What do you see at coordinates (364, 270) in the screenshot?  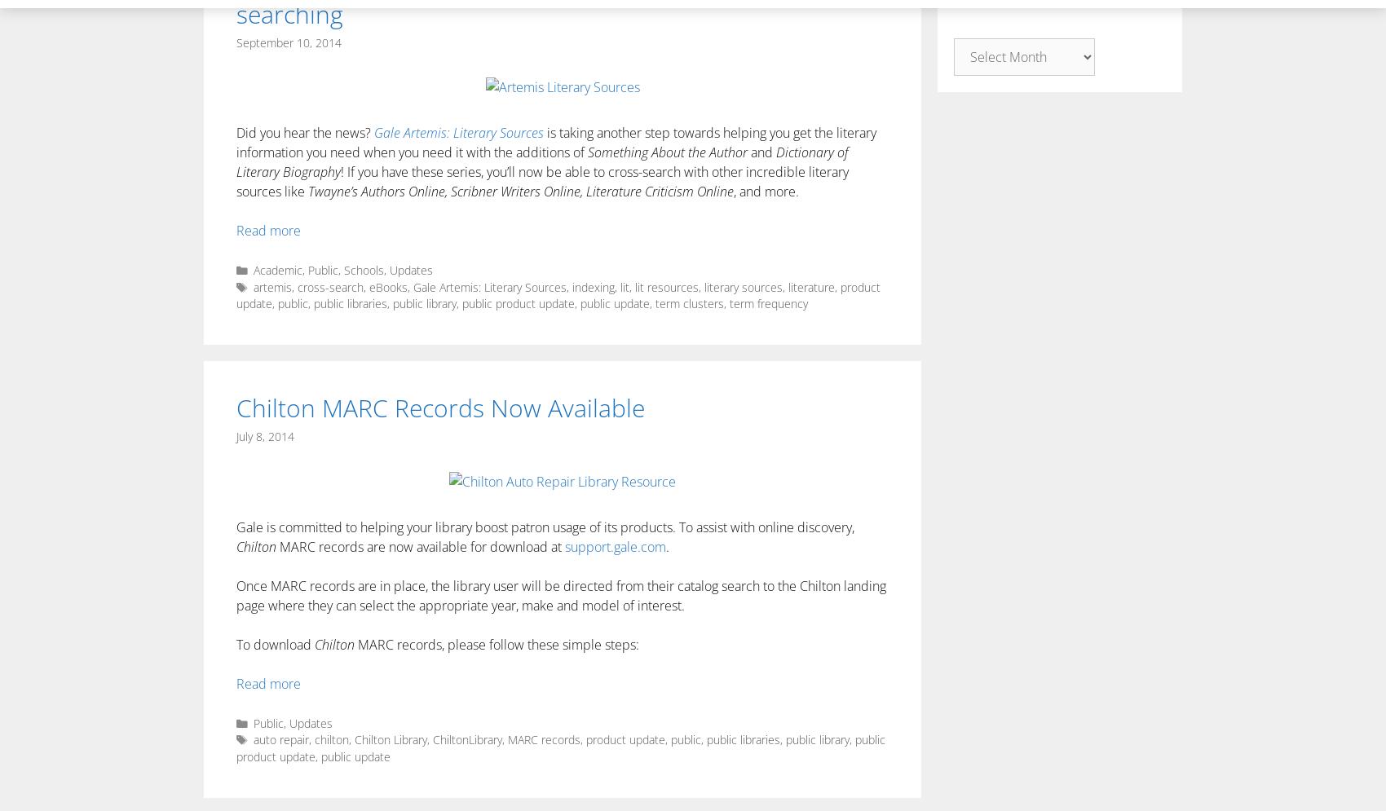 I see `'Schools'` at bounding box center [364, 270].